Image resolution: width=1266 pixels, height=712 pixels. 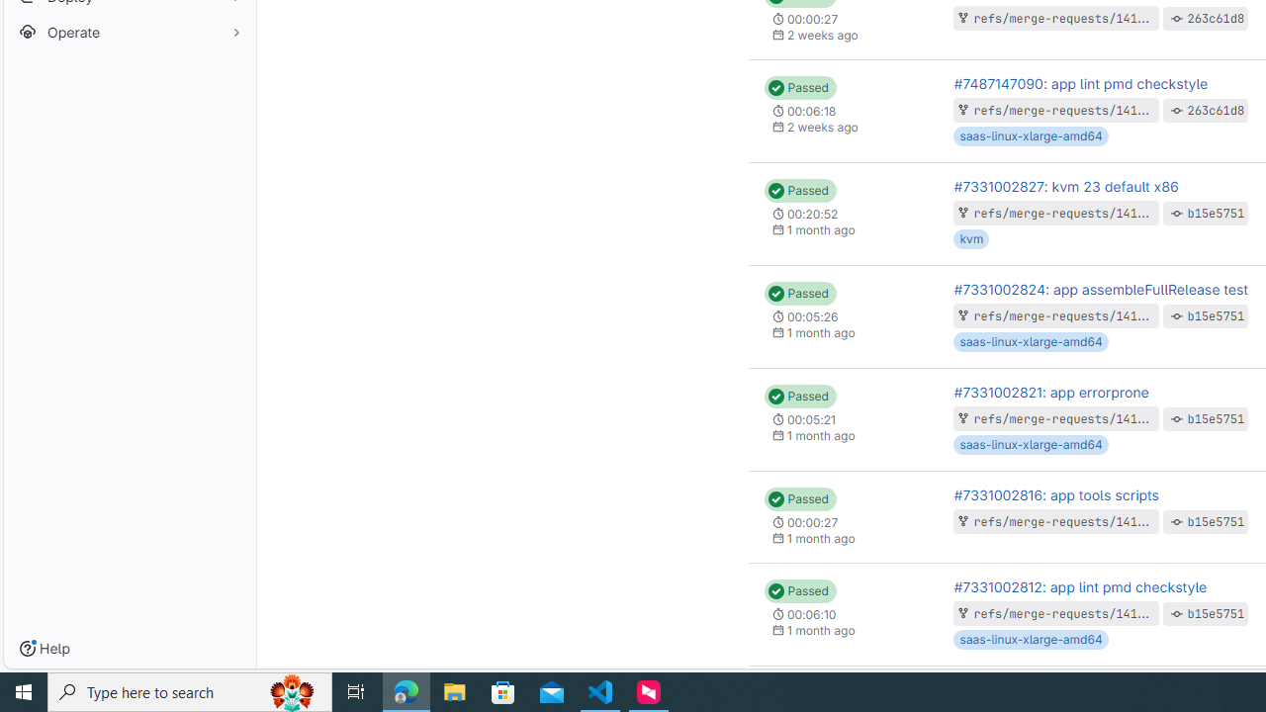 What do you see at coordinates (1076, 110) in the screenshot?
I see `'refs/merge-requests/1411/head'` at bounding box center [1076, 110].